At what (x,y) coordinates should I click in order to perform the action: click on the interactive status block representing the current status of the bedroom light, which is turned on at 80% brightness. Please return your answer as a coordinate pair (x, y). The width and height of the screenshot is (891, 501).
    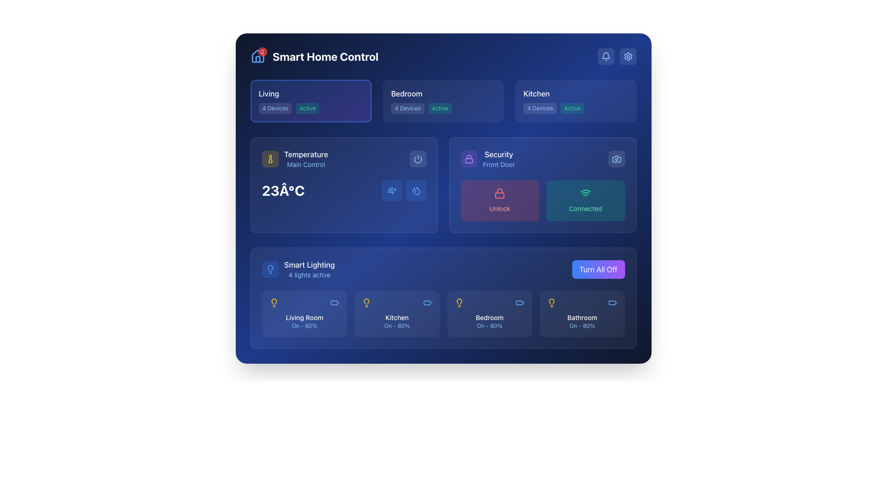
    Looking at the image, I should click on (489, 314).